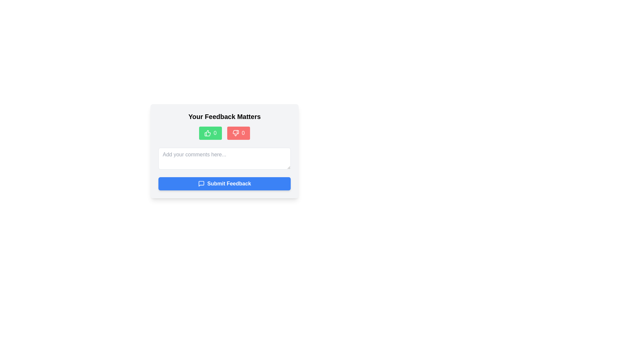  Describe the element at coordinates (243, 133) in the screenshot. I see `numeric value displayed in the text label located inside the red button grouping next to the thumbs-down icon at the bottom of the central interface section` at that location.